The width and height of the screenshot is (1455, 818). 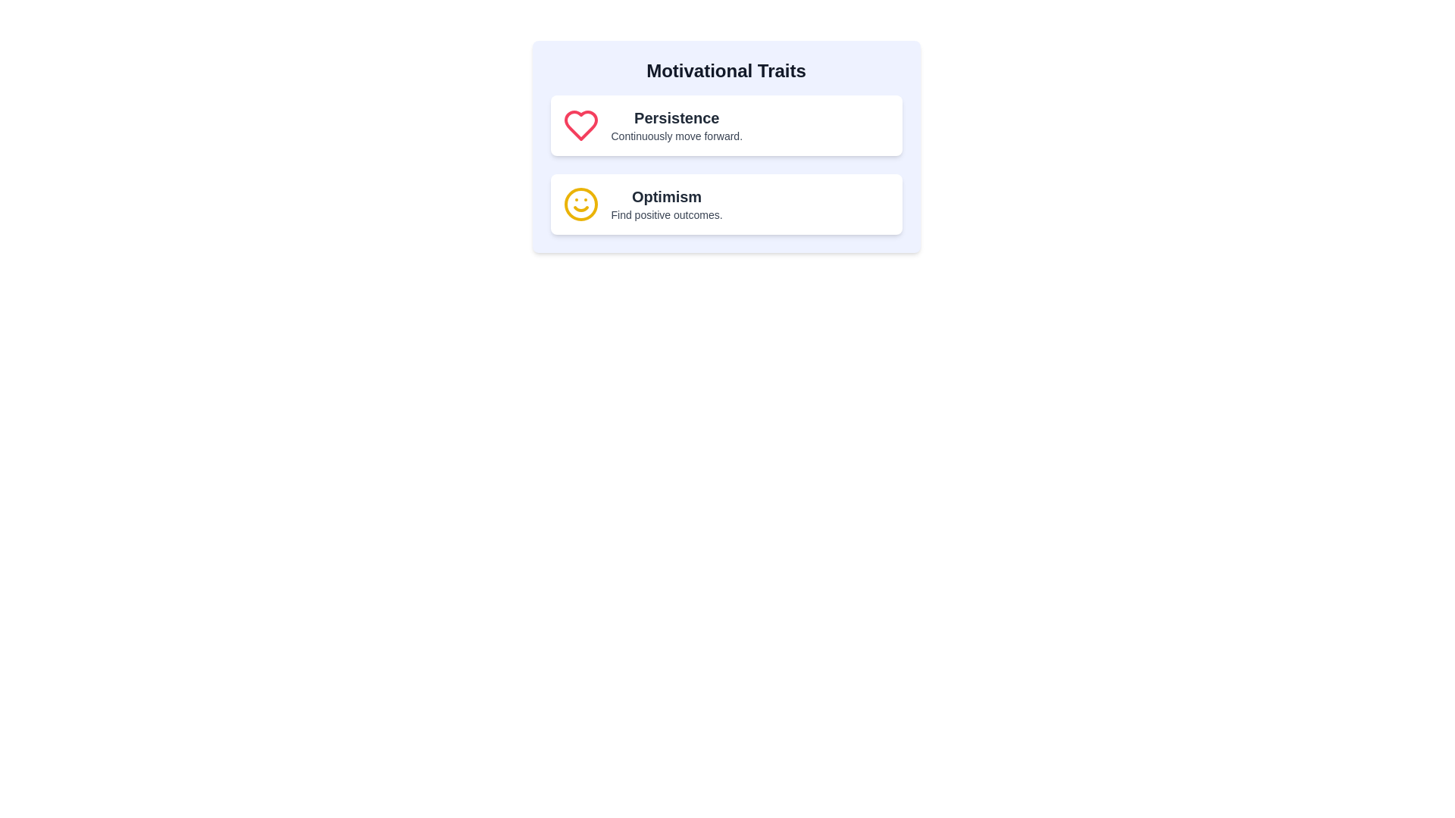 I want to click on the 'Optimism' text label with description, which presents a motivational trait and follows the 'Persistence' card in the 'Motivational Traits' section, so click(x=667, y=204).